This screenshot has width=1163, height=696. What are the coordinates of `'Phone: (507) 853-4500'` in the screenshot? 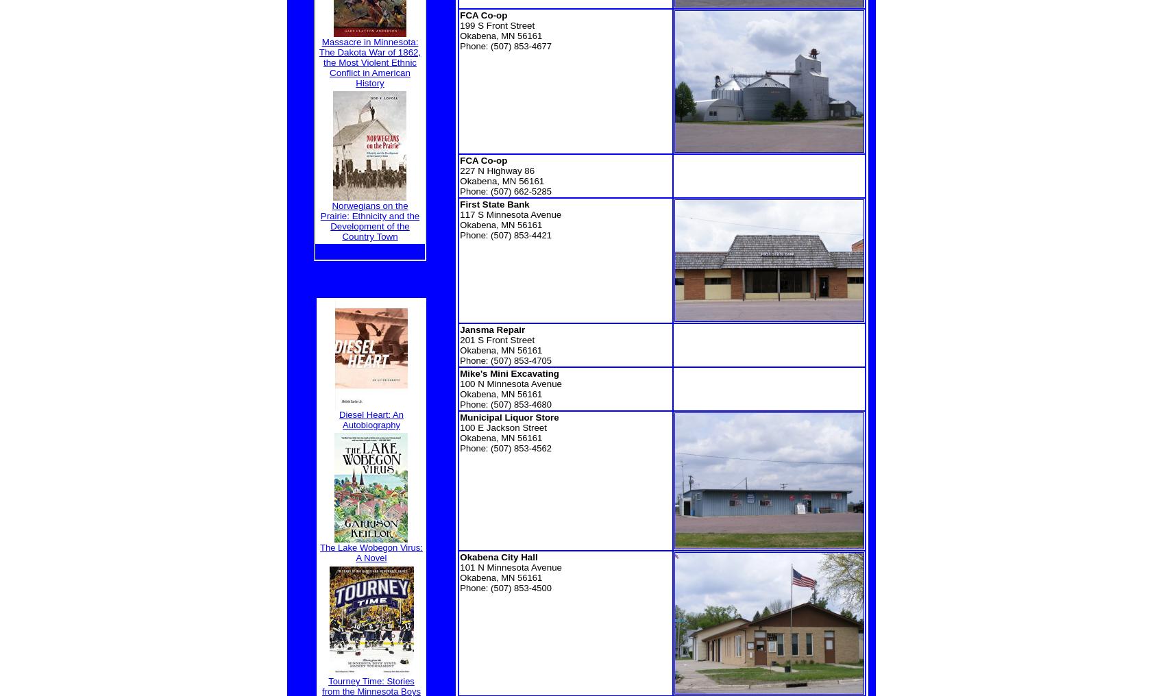 It's located at (504, 588).